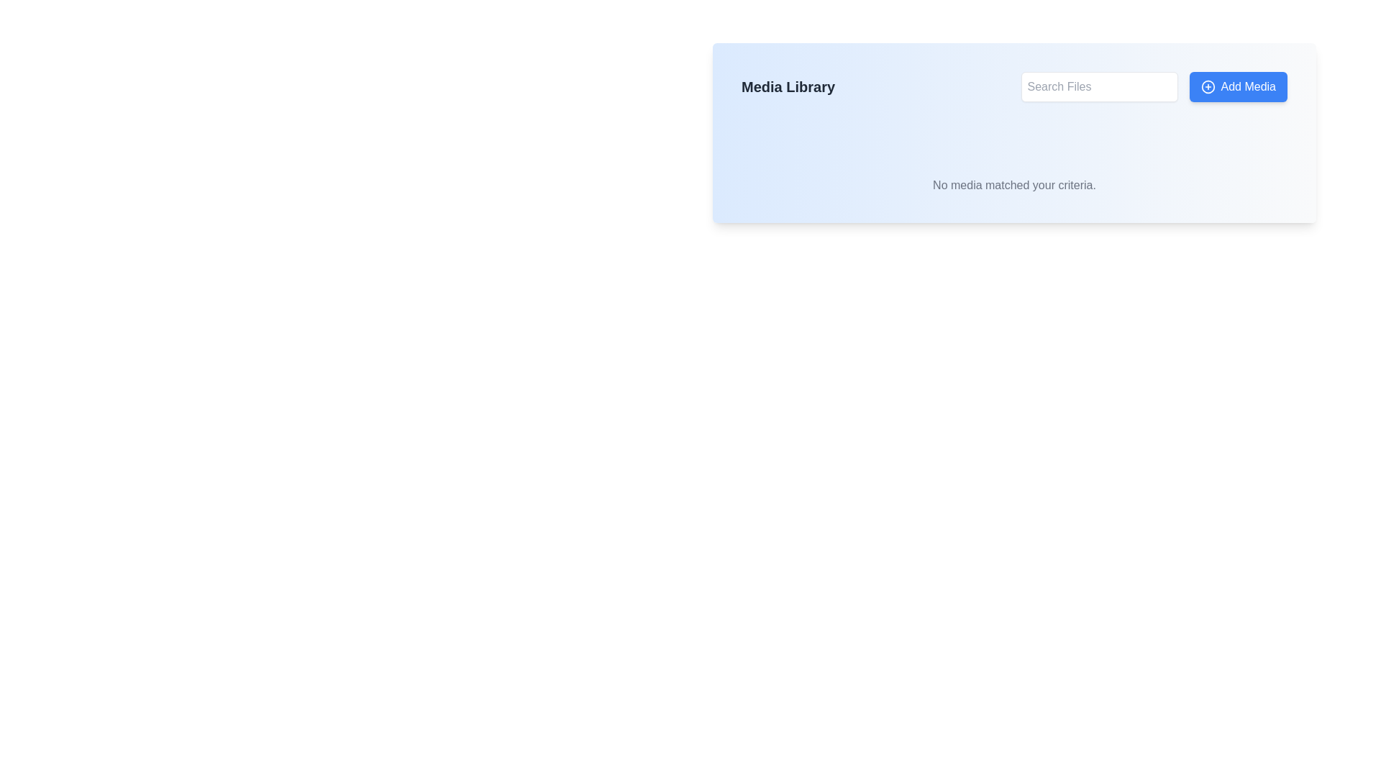 The width and height of the screenshot is (1381, 777). What do you see at coordinates (1208, 86) in the screenshot?
I see `the SVG graphic icon, which is a circular shape with a cross, located in the top-right section of the modal dialog as part of the 'Add Media' button` at bounding box center [1208, 86].